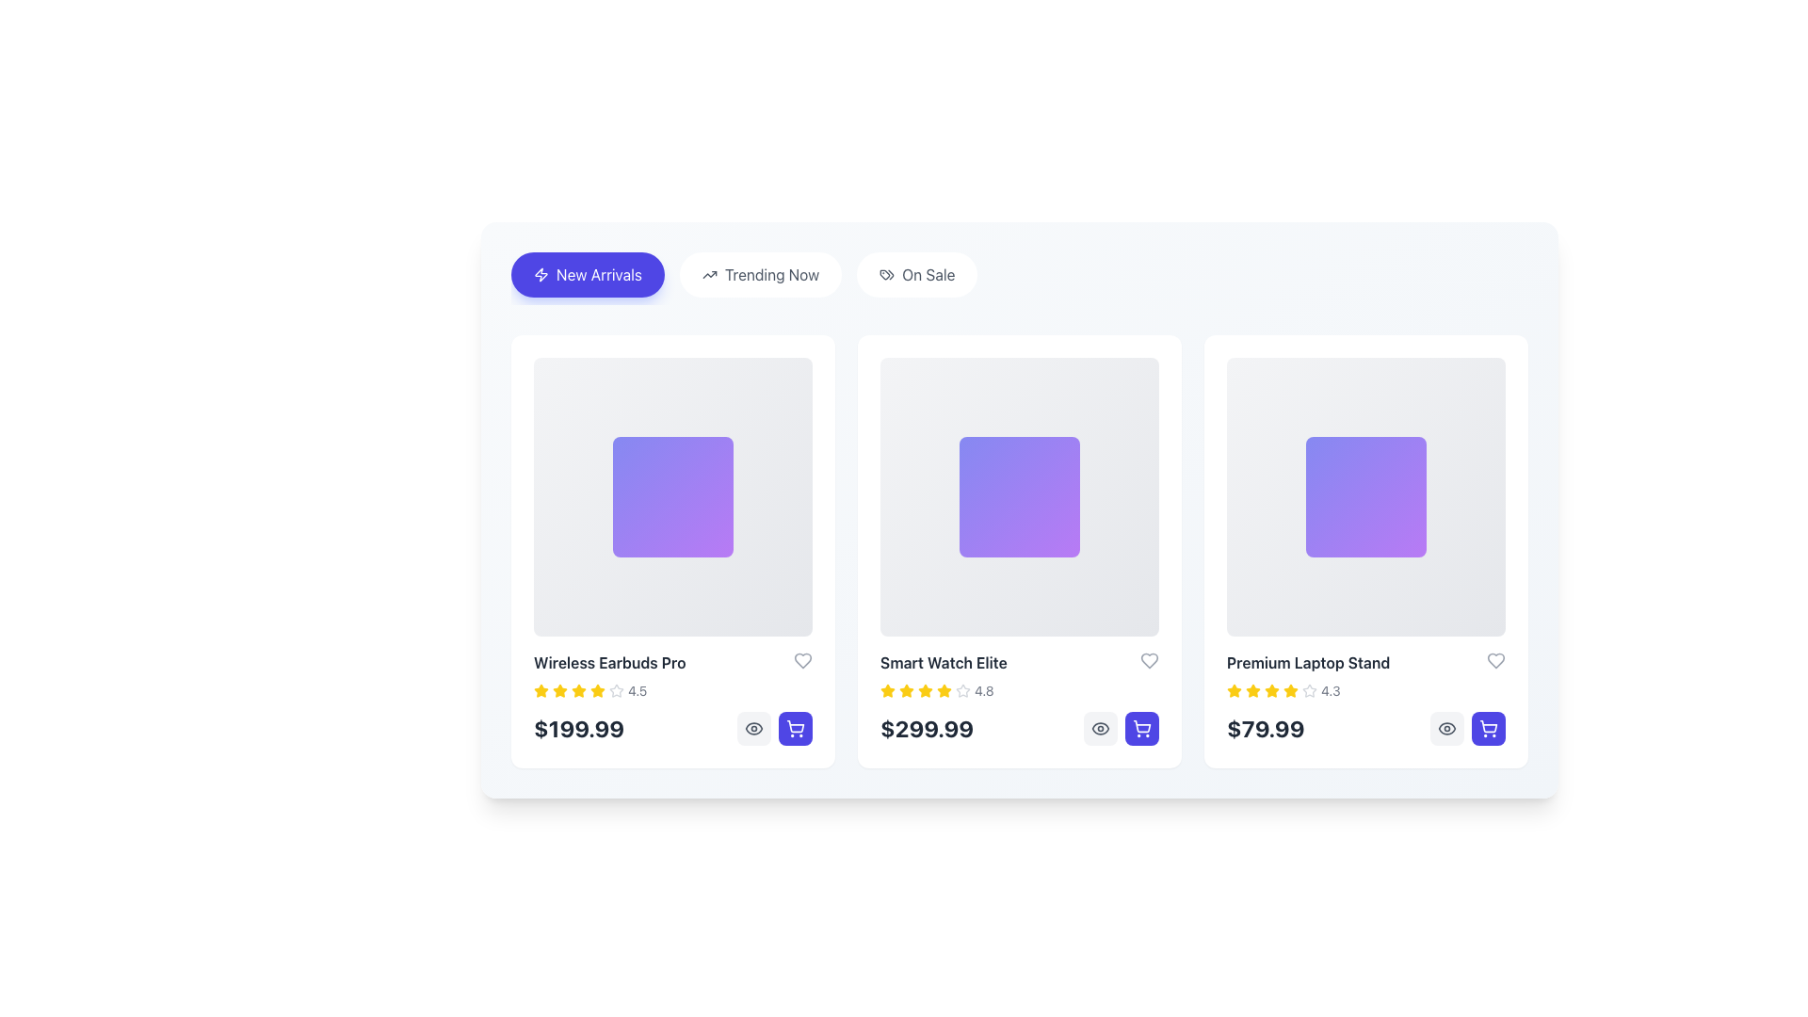 Image resolution: width=1808 pixels, height=1017 pixels. I want to click on the fourth rating star icon representing a 4.3 rating for the 'Premium Laptop Stand' product to potentially rate the product, so click(1234, 689).